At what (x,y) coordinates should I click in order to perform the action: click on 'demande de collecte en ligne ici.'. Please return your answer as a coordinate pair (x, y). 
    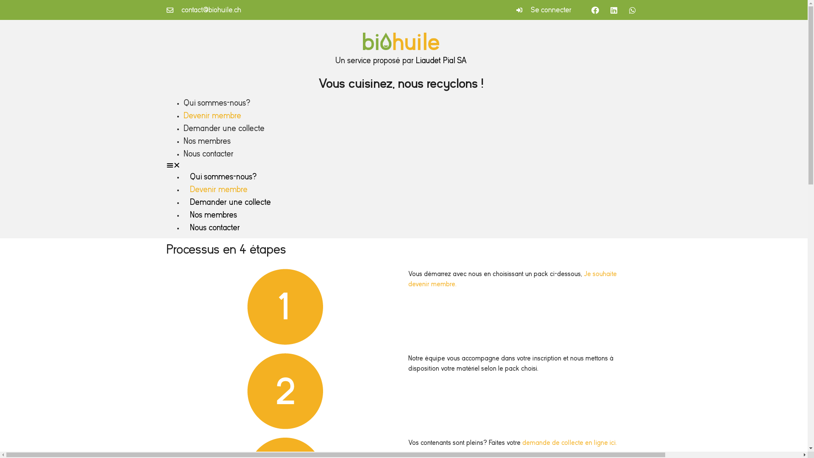
    Looking at the image, I should click on (569, 442).